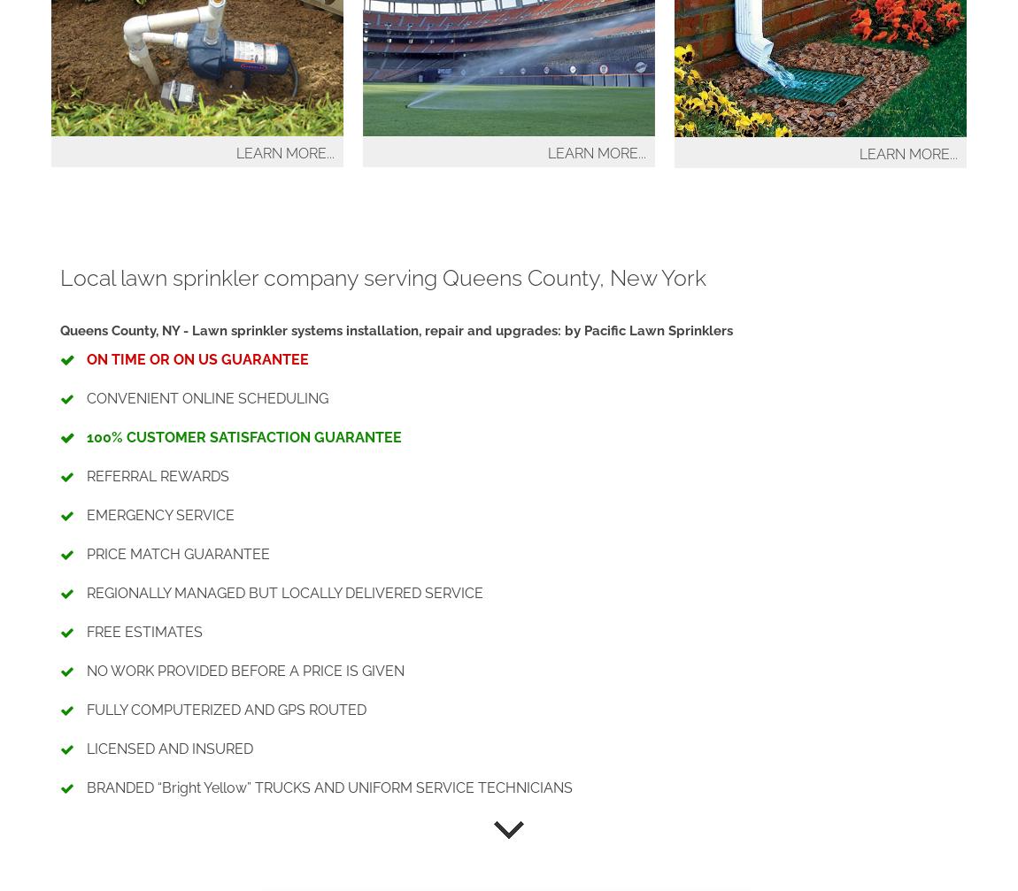 The width and height of the screenshot is (1018, 891). What do you see at coordinates (58, 276) in the screenshot?
I see `'Local lawn sprinkler company serving Queens County, New York'` at bounding box center [58, 276].